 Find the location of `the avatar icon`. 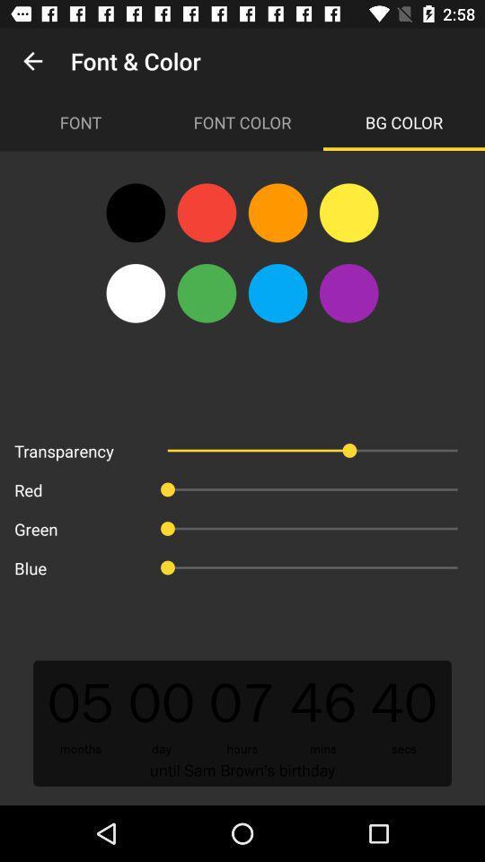

the avatar icon is located at coordinates (278, 213).